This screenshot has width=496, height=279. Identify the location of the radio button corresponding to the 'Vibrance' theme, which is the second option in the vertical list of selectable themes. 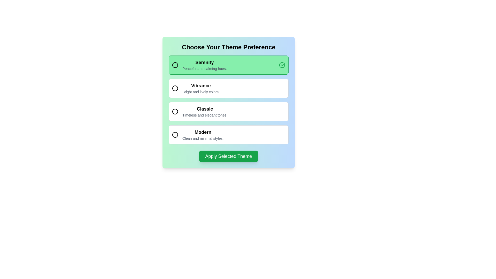
(200, 88).